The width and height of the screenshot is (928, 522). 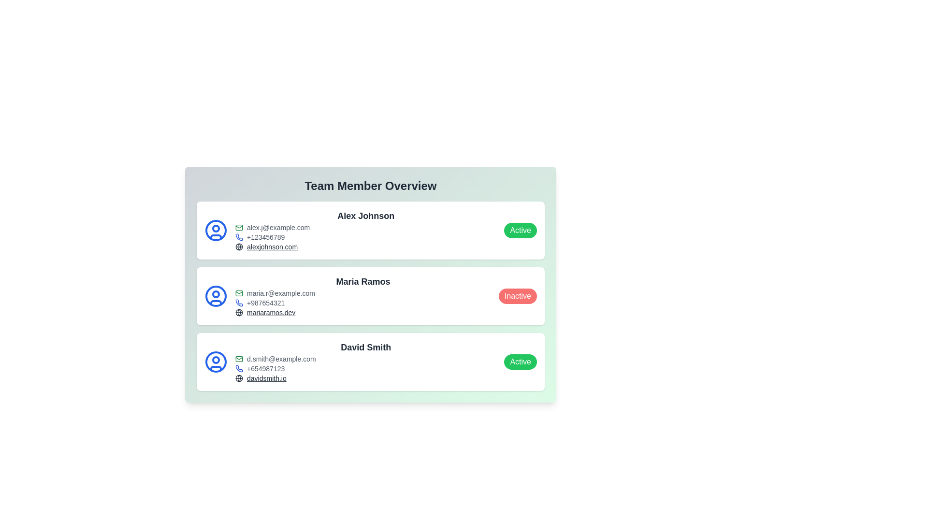 I want to click on the website link for Alex Johnson to open their website in a new tab, so click(x=272, y=246).